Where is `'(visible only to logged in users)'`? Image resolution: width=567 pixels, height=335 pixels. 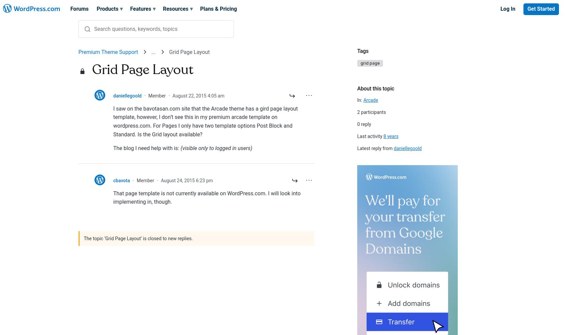 '(visible only to logged in users)' is located at coordinates (180, 148).